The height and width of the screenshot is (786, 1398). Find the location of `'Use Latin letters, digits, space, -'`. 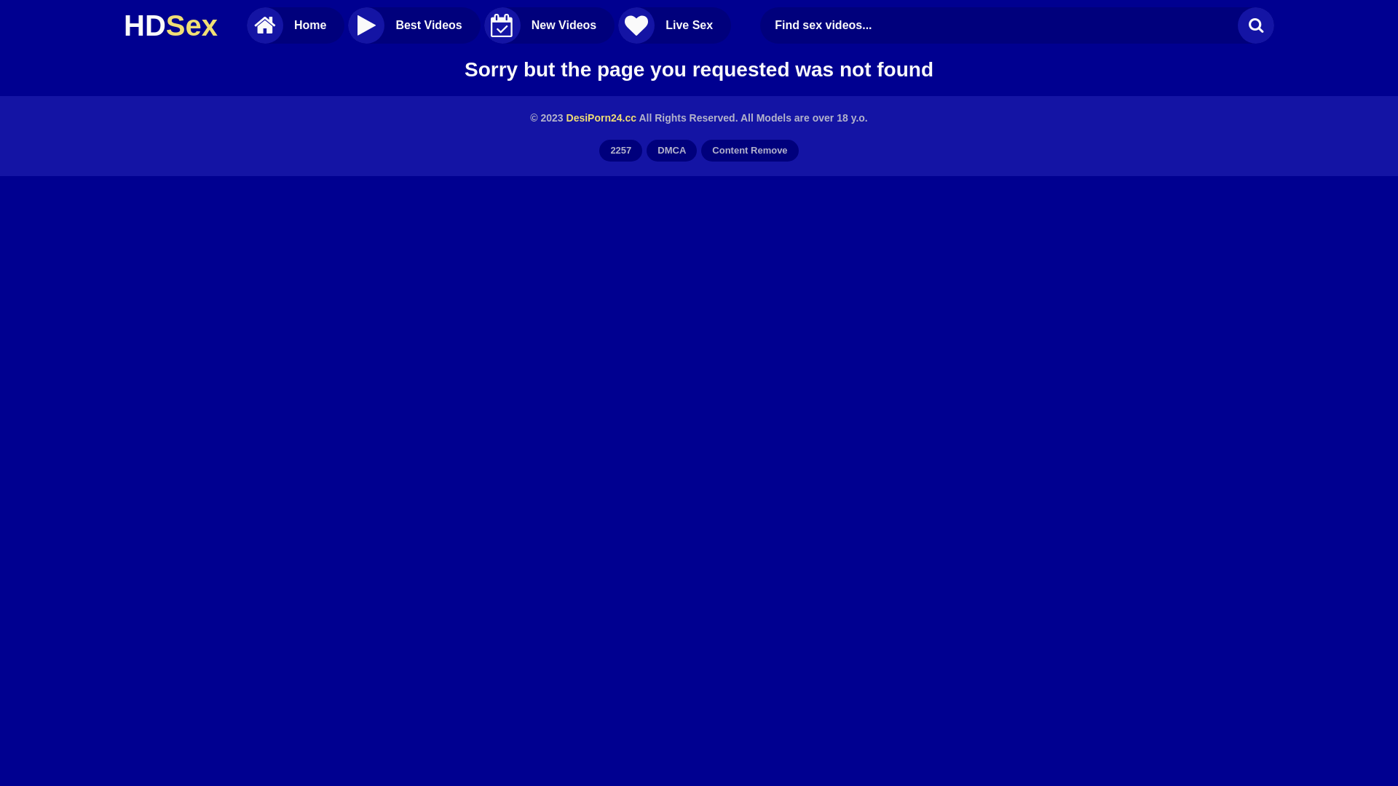

'Use Latin letters, digits, space, -' is located at coordinates (1002, 25).